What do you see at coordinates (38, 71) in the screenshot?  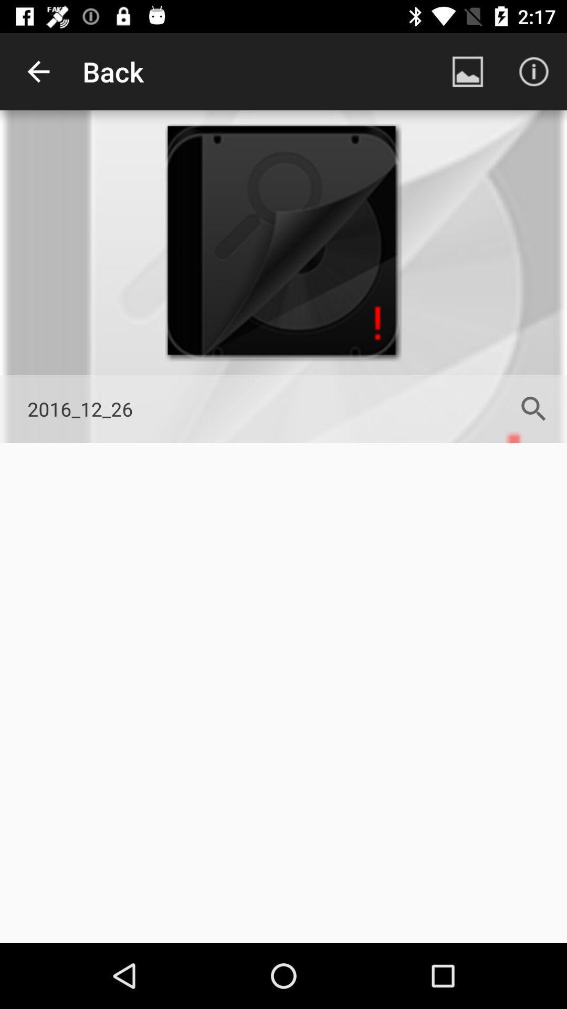 I see `the app next to the back icon` at bounding box center [38, 71].